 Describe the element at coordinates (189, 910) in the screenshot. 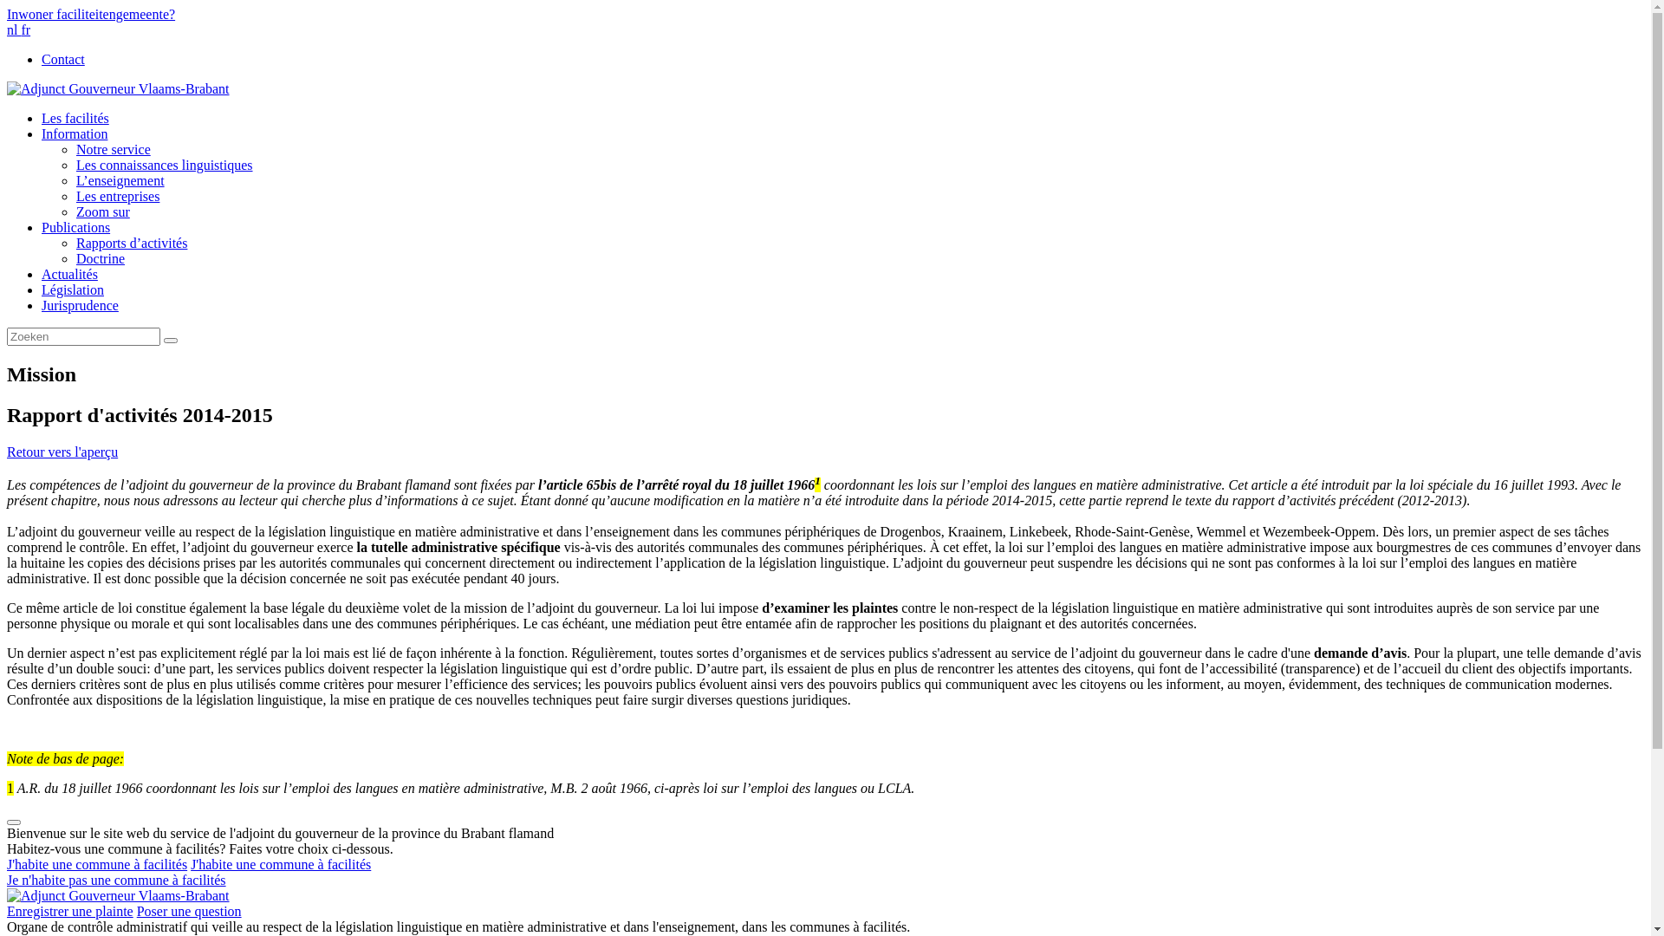

I see `'Poser une question'` at that location.